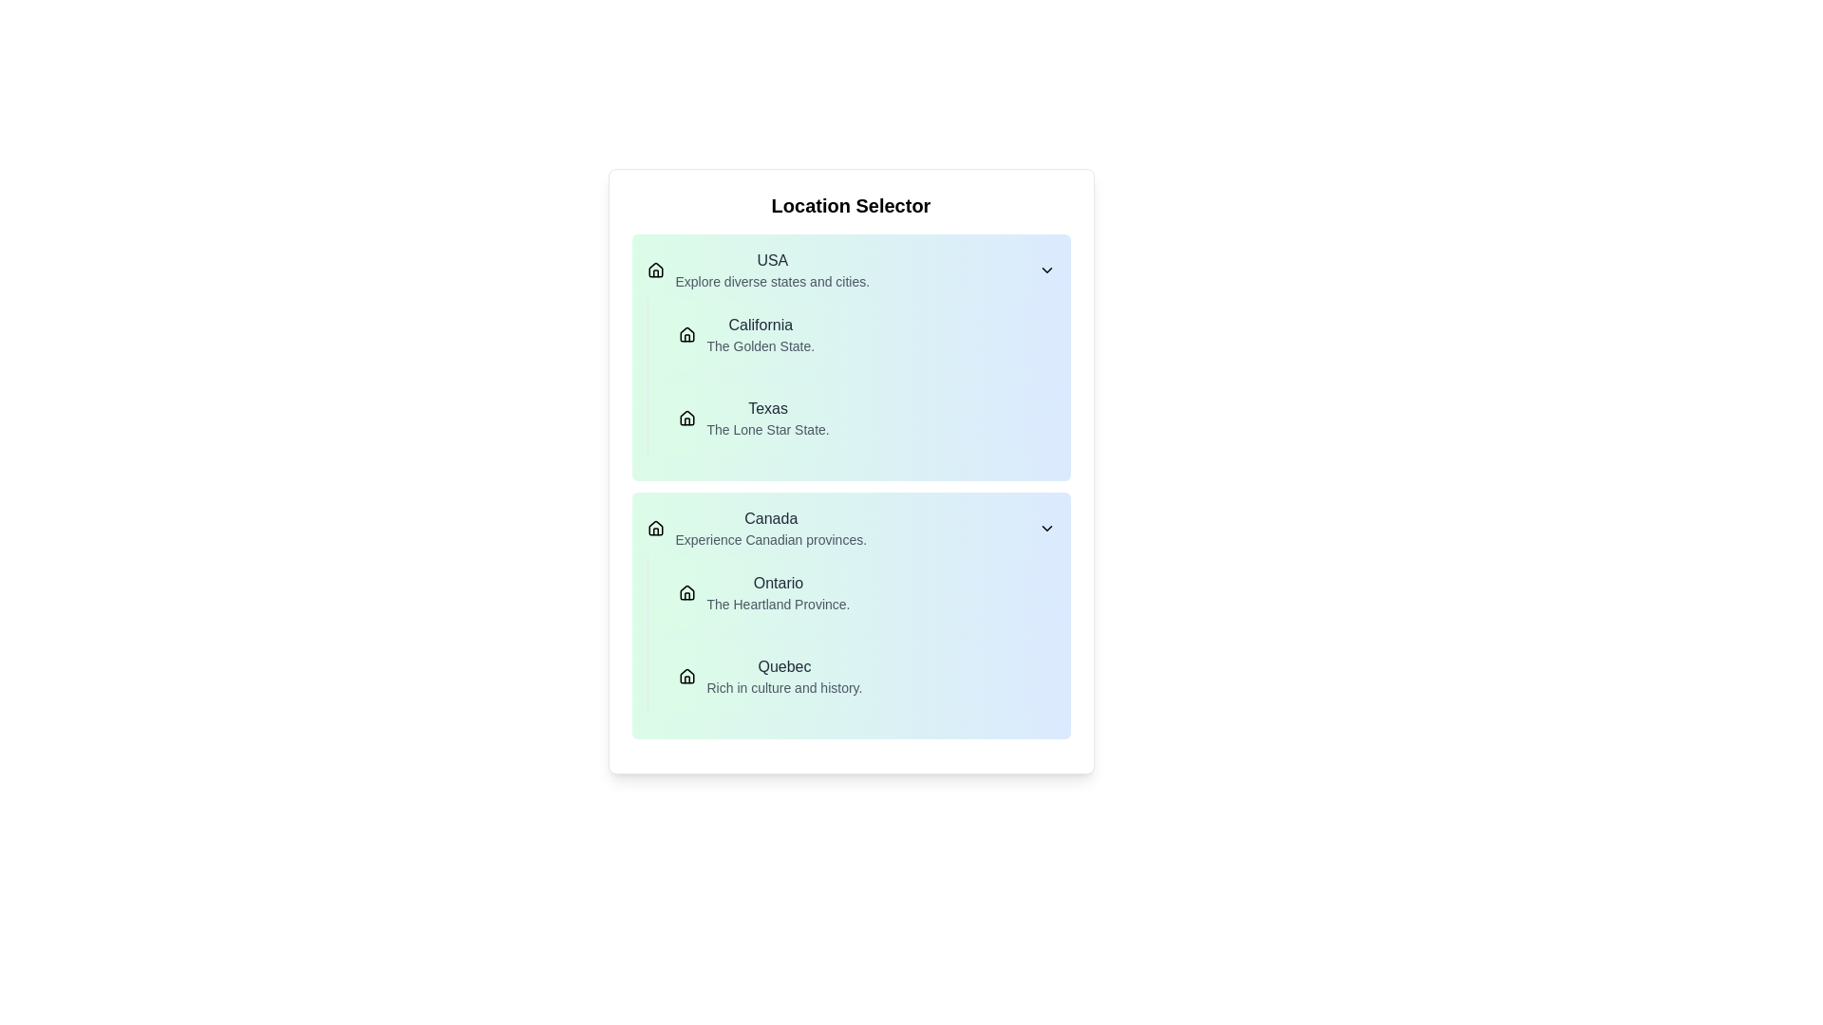  I want to click on the icon representing California, which is positioned directly to the left of the text 'California' and is the first icon in its group under the category 'USA', so click(686, 334).